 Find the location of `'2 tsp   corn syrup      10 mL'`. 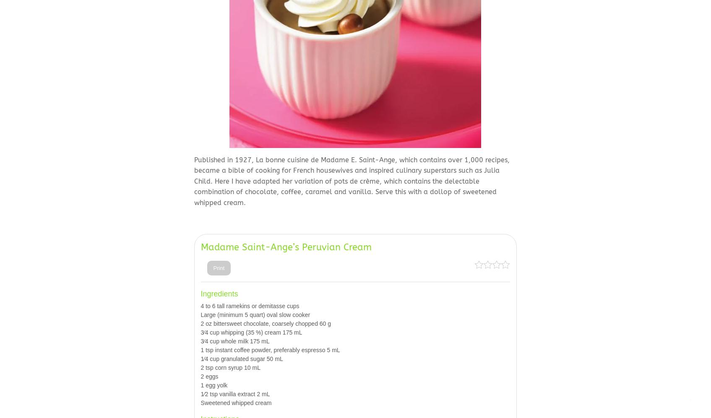

'2 tsp   corn syrup      10 mL' is located at coordinates (230, 367).